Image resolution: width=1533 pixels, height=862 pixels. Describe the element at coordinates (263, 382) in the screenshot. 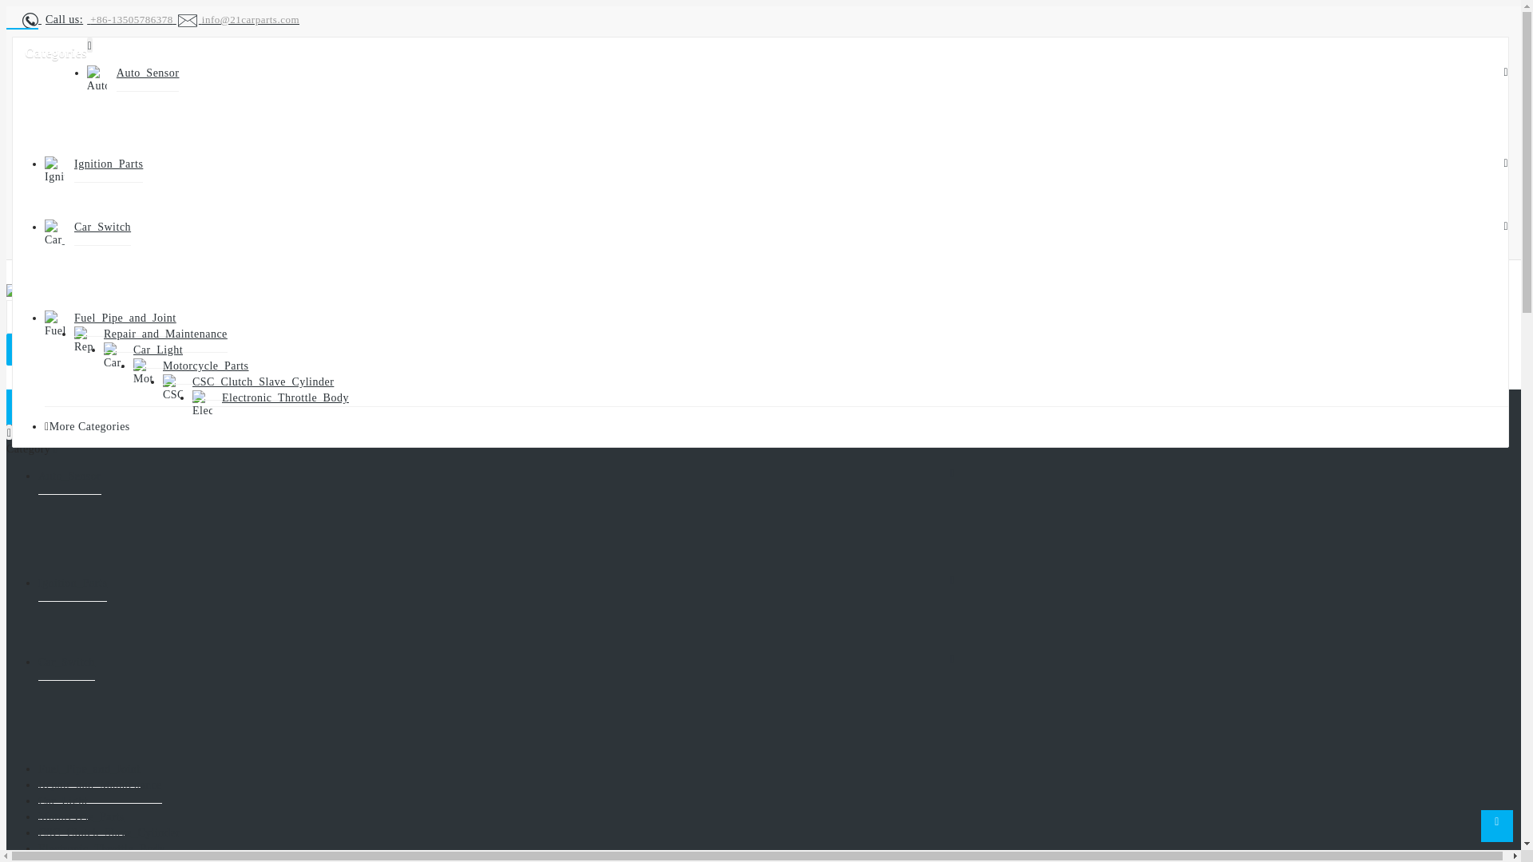

I see `'CSC_Clutch_Slave_Cylinder'` at that location.